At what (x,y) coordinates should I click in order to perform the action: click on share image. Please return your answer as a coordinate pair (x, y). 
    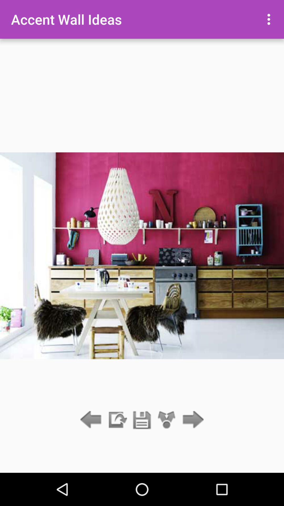
    Looking at the image, I should click on (167, 420).